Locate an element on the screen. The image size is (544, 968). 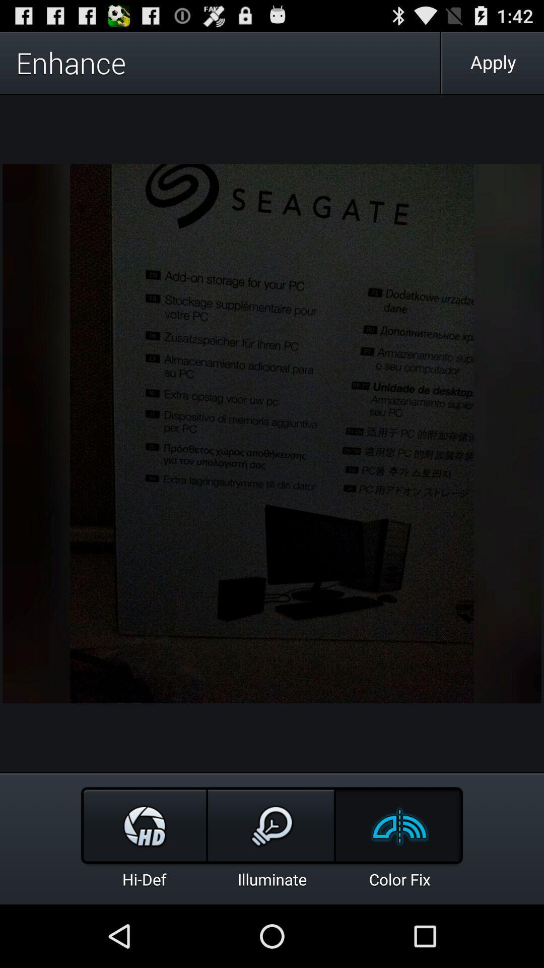
the hd icon is located at coordinates (144, 827).